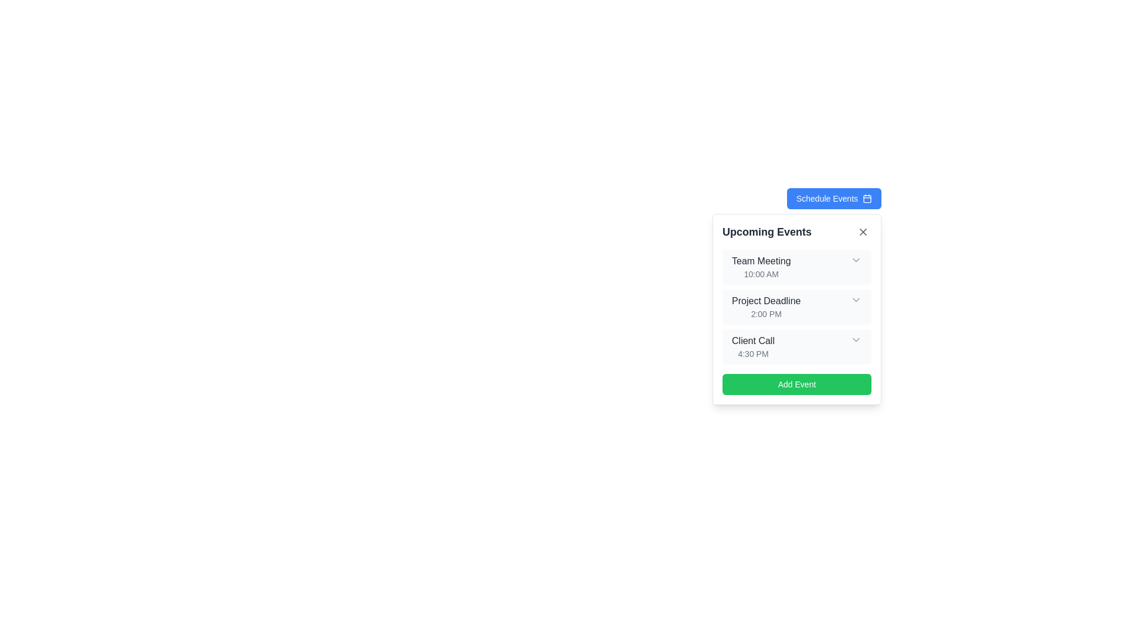 Image resolution: width=1126 pixels, height=633 pixels. Describe the element at coordinates (761, 267) in the screenshot. I see `event details displayed as 'Team Meeting' and '10:00 AM', the first item in the 'Upcoming Events' list, which is styled with a bold gray font for the title and lighter gray for the time` at that location.